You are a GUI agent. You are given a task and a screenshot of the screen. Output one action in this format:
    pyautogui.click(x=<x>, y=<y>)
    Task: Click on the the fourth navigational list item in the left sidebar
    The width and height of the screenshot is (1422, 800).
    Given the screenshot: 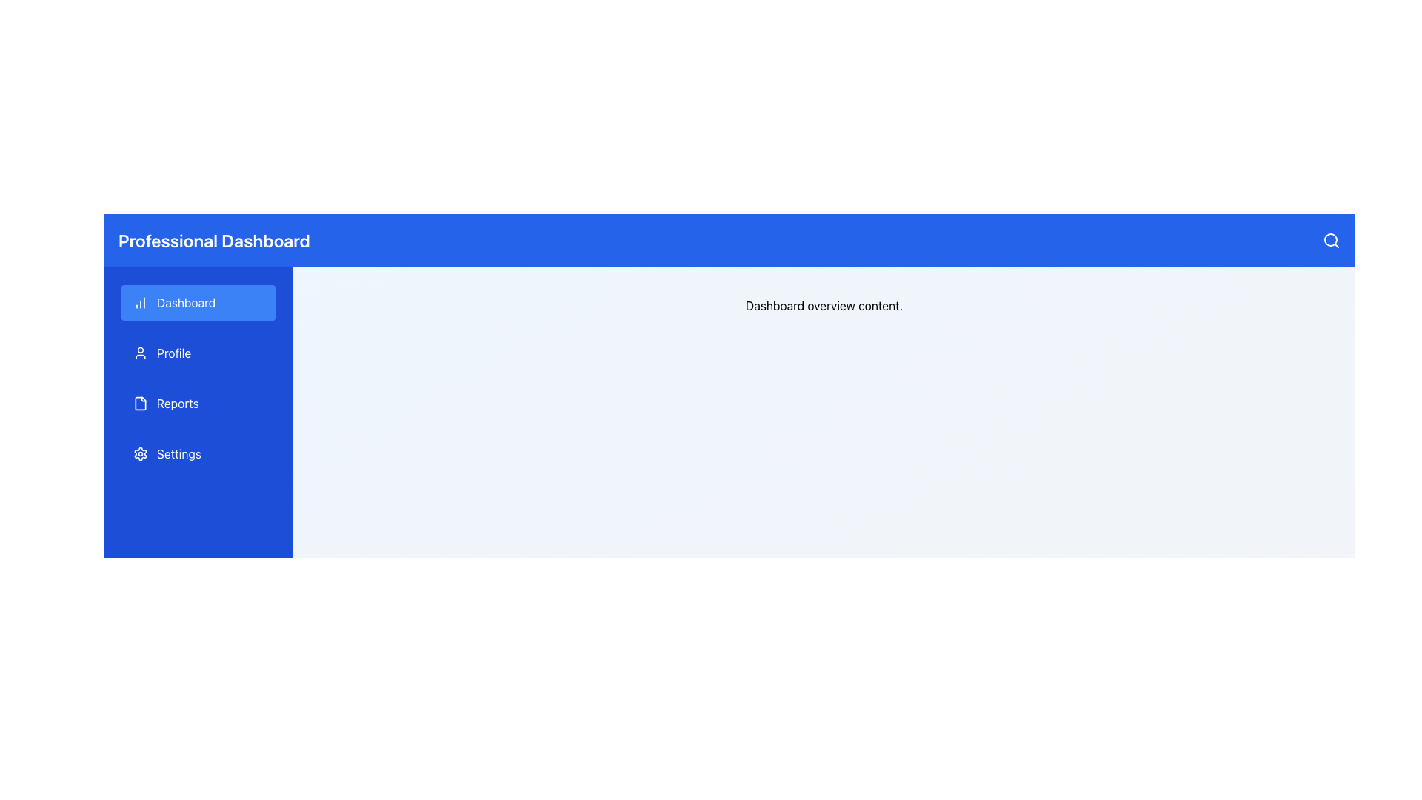 What is the action you would take?
    pyautogui.click(x=198, y=453)
    